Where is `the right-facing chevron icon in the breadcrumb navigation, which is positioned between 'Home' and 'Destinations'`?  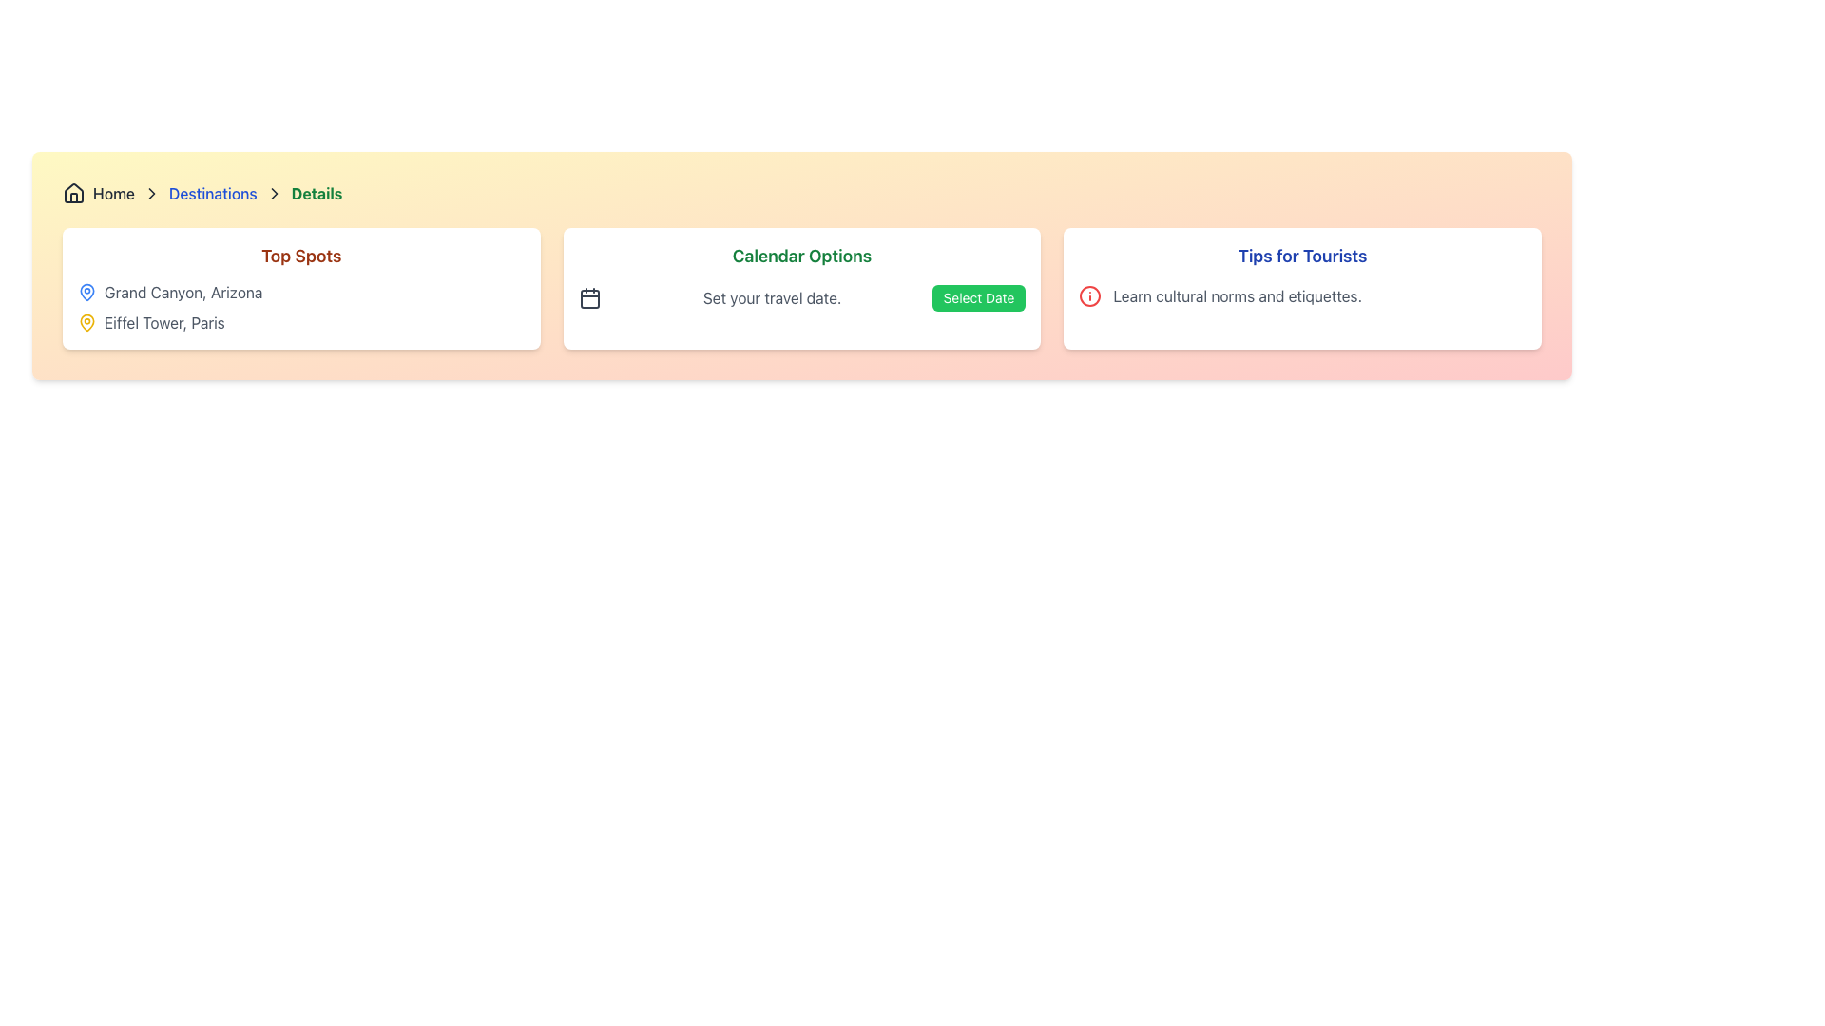 the right-facing chevron icon in the breadcrumb navigation, which is positioned between 'Home' and 'Destinations' is located at coordinates (150, 194).